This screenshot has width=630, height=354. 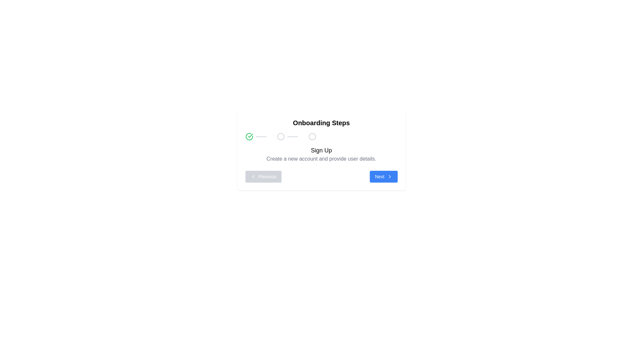 What do you see at coordinates (249, 136) in the screenshot?
I see `the top part of the circular icon indicating progression or success, which is the first of the three circular markers in the onboarding steps visual indicator` at bounding box center [249, 136].